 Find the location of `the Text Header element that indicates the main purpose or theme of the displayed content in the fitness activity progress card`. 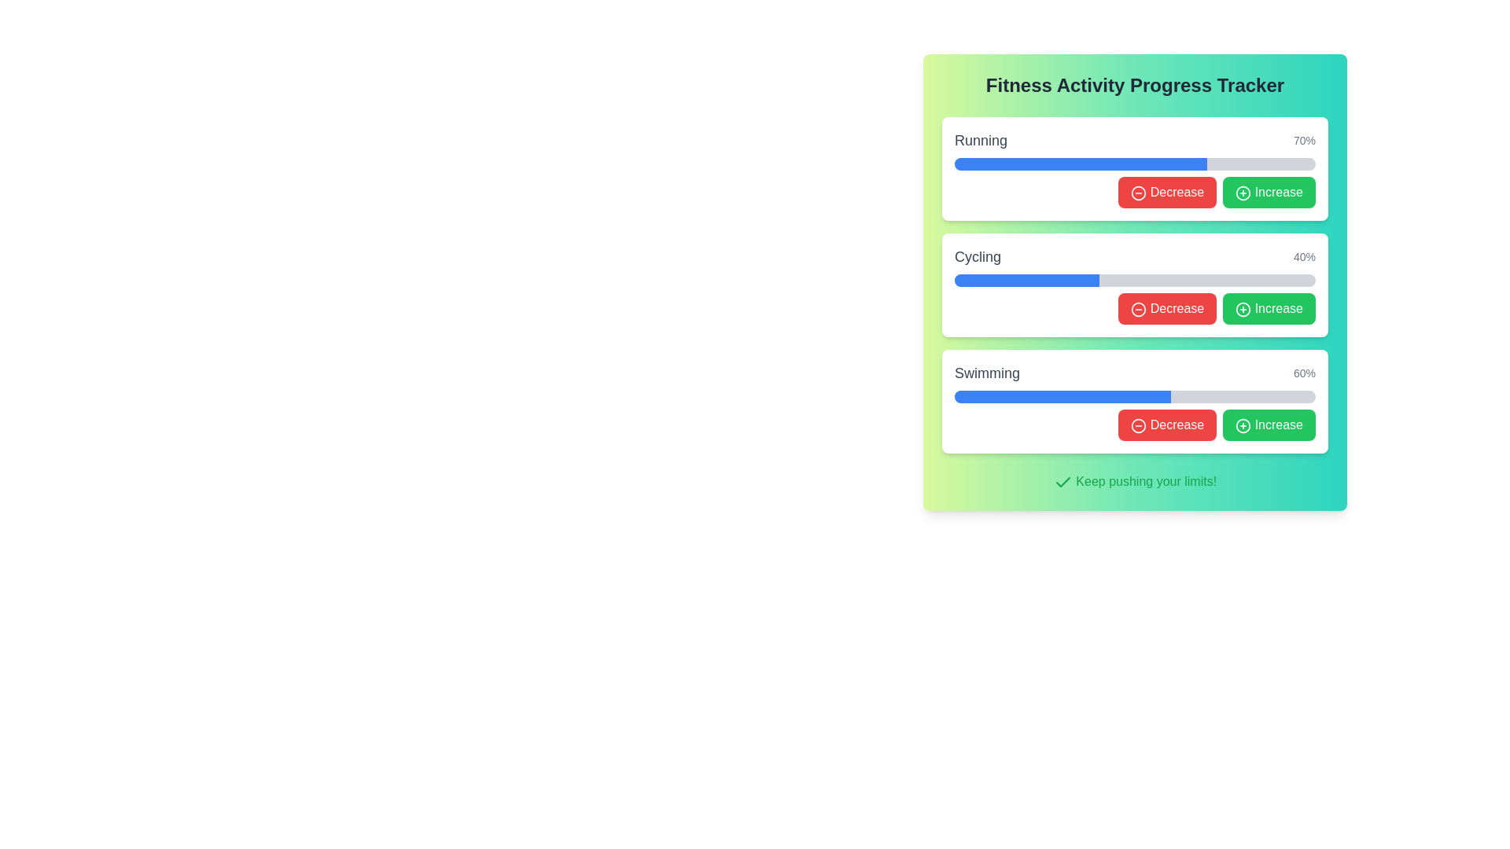

the Text Header element that indicates the main purpose or theme of the displayed content in the fitness activity progress card is located at coordinates (1135, 85).